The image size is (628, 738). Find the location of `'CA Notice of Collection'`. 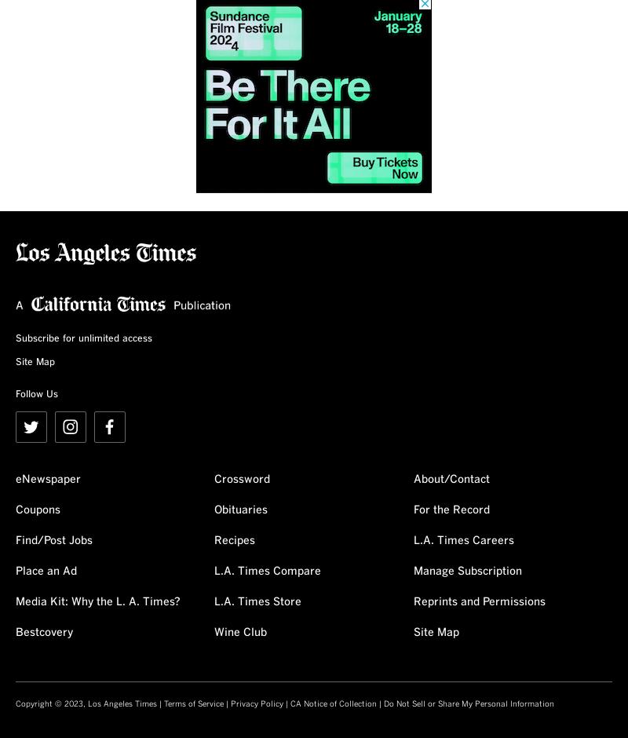

'CA Notice of Collection' is located at coordinates (290, 704).